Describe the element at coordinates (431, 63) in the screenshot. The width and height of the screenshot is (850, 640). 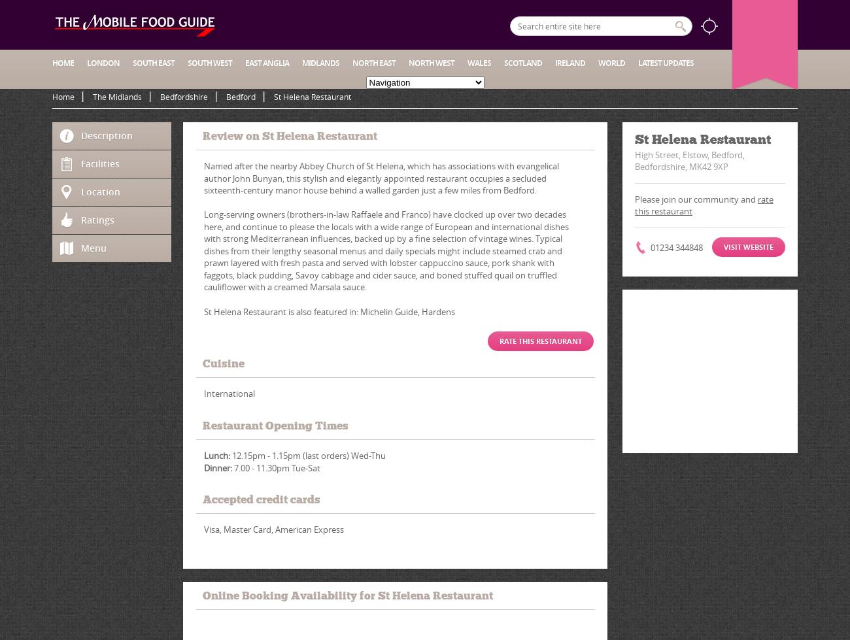
I see `'North West'` at that location.